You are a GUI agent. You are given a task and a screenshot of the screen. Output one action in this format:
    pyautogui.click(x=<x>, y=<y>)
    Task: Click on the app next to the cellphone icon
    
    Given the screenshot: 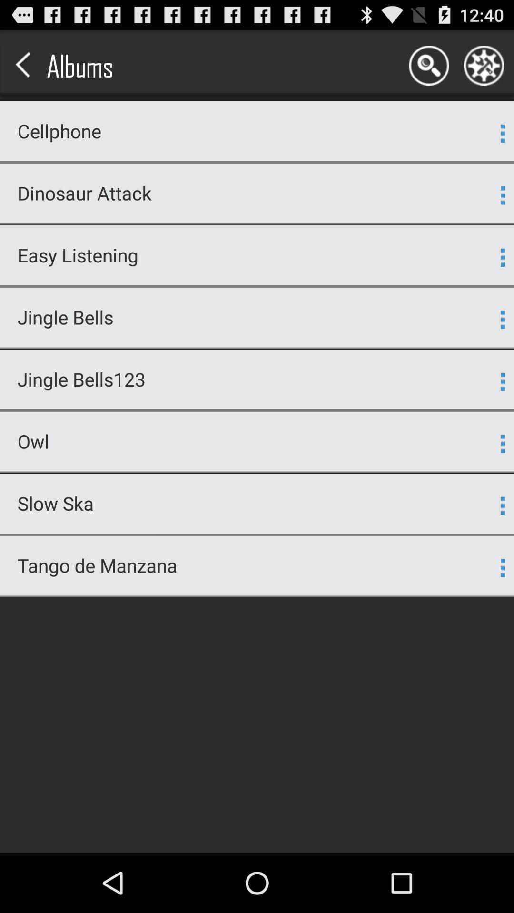 What is the action you would take?
    pyautogui.click(x=502, y=133)
    